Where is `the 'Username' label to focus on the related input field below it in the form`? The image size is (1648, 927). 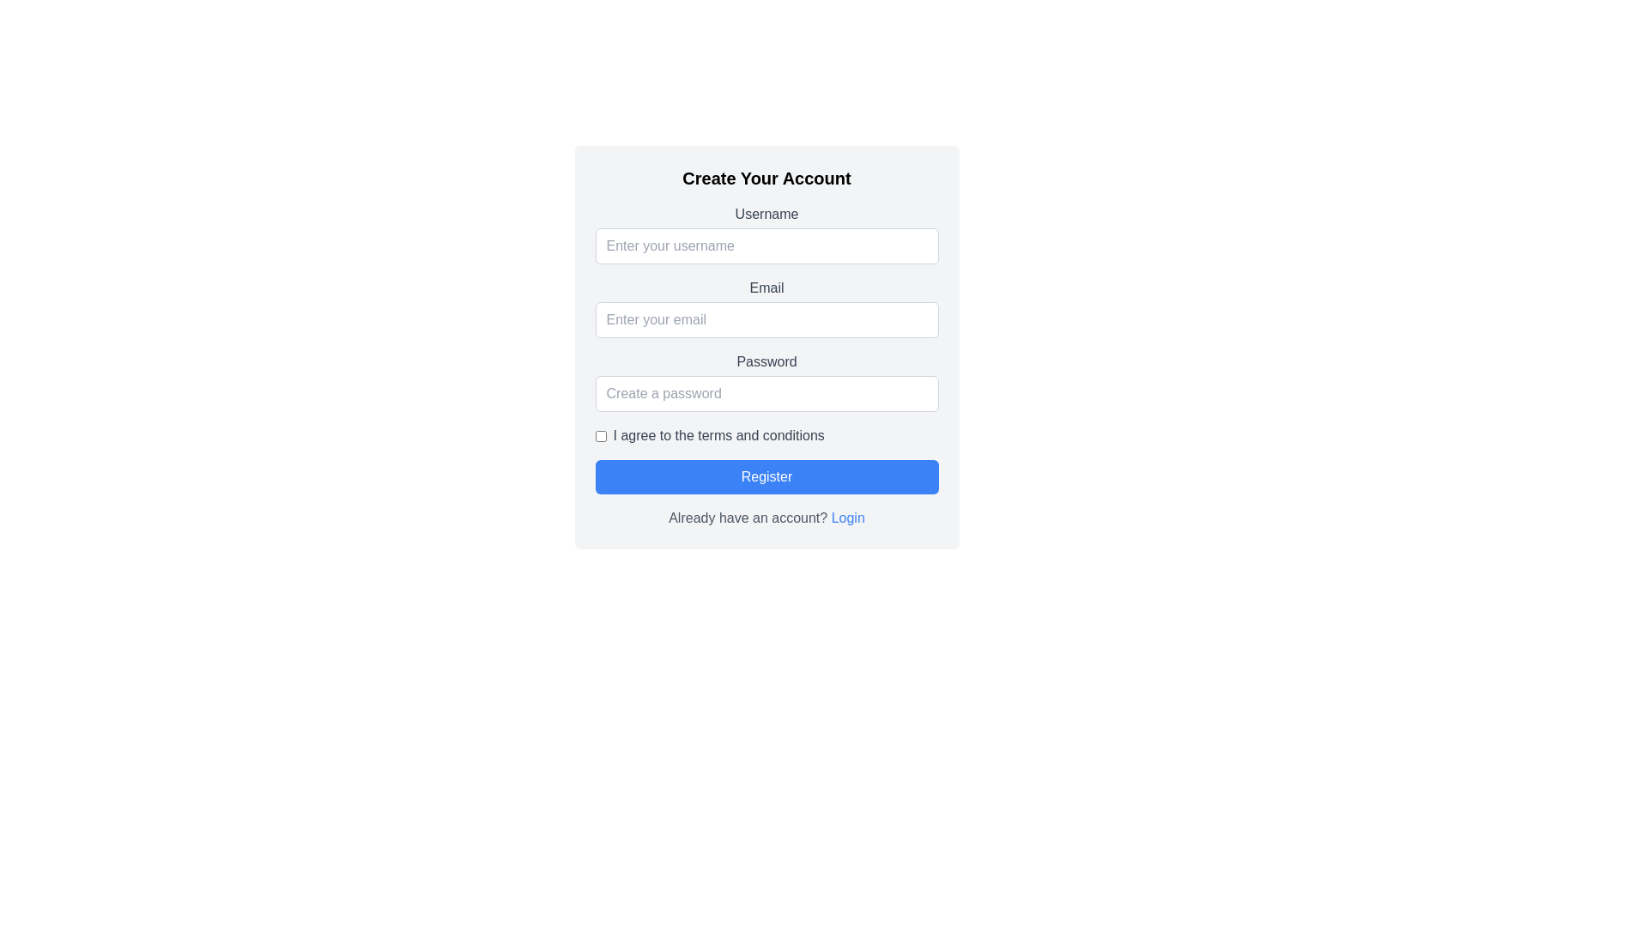 the 'Username' label to focus on the related input field below it in the form is located at coordinates (766, 214).